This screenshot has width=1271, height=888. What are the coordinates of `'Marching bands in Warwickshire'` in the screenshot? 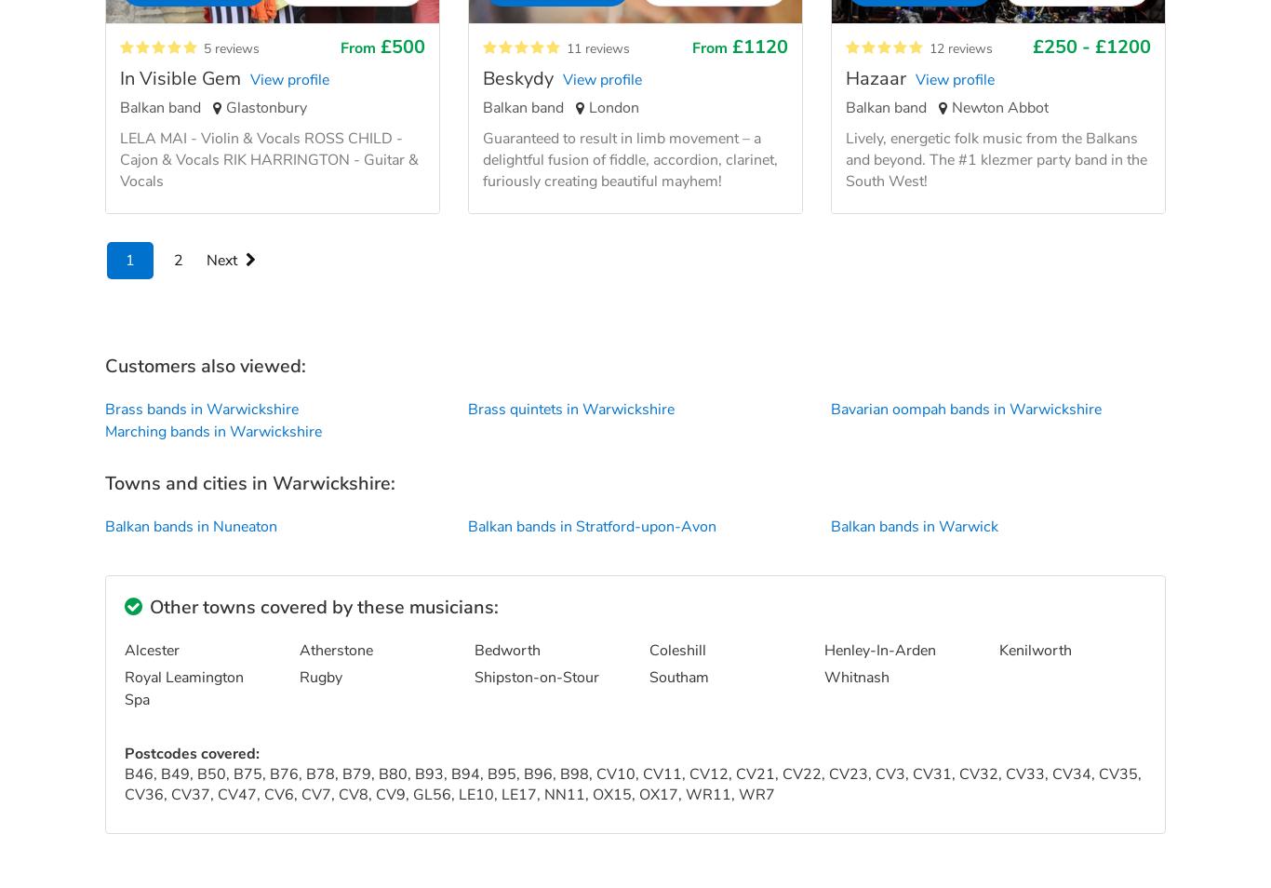 It's located at (104, 430).